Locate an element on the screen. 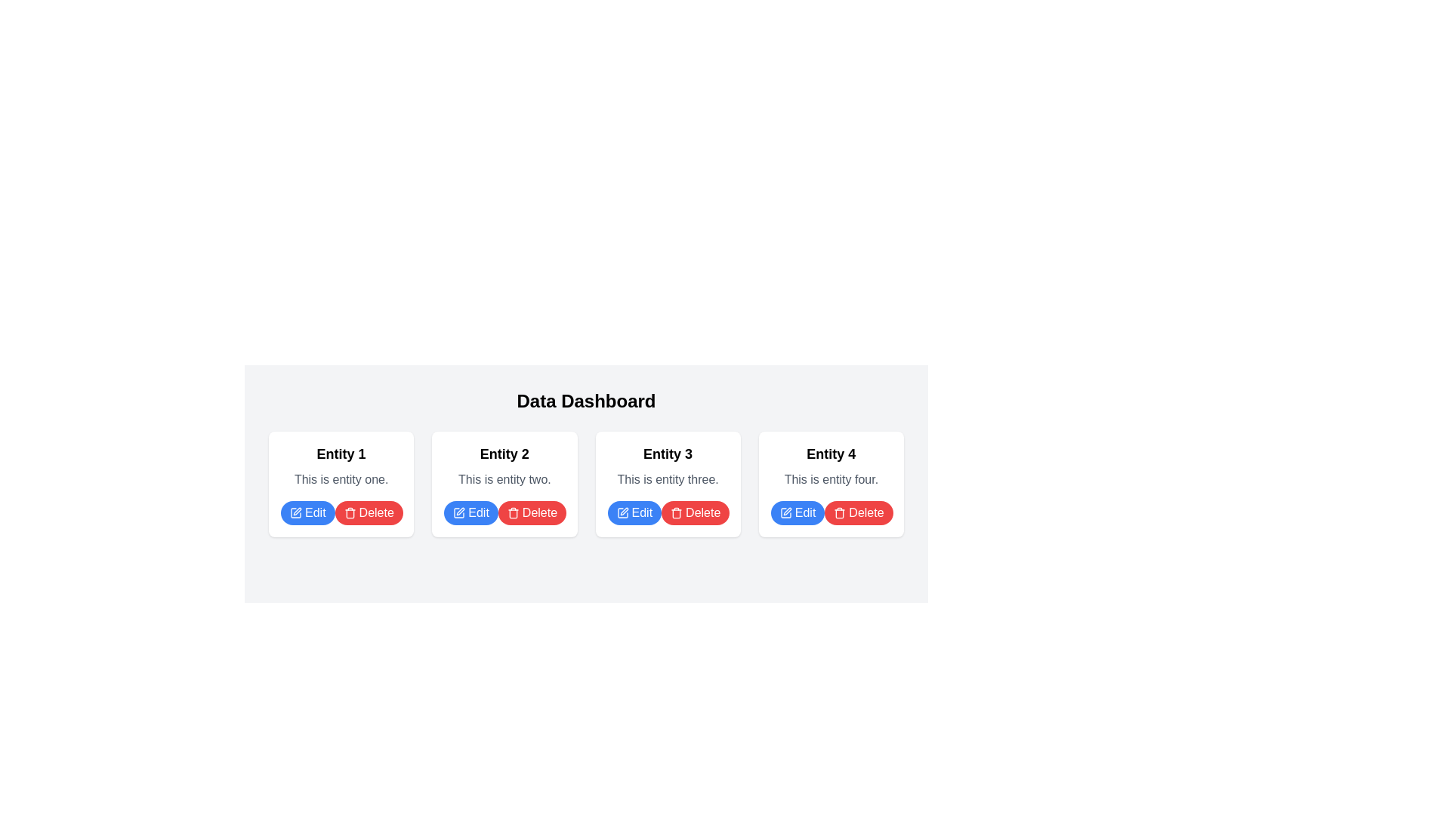 The image size is (1450, 815). the pen icon located inside the blue 'Edit' button for 'Entity 3' on the dashboard is located at coordinates (622, 512).